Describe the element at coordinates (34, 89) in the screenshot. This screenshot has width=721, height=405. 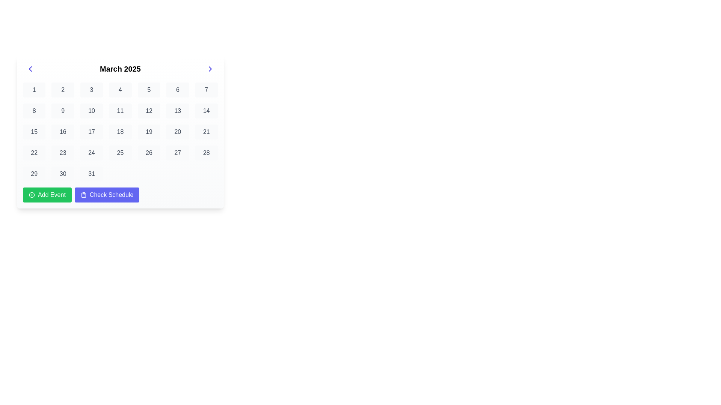
I see `the Calendar cell representing the first date of the month` at that location.